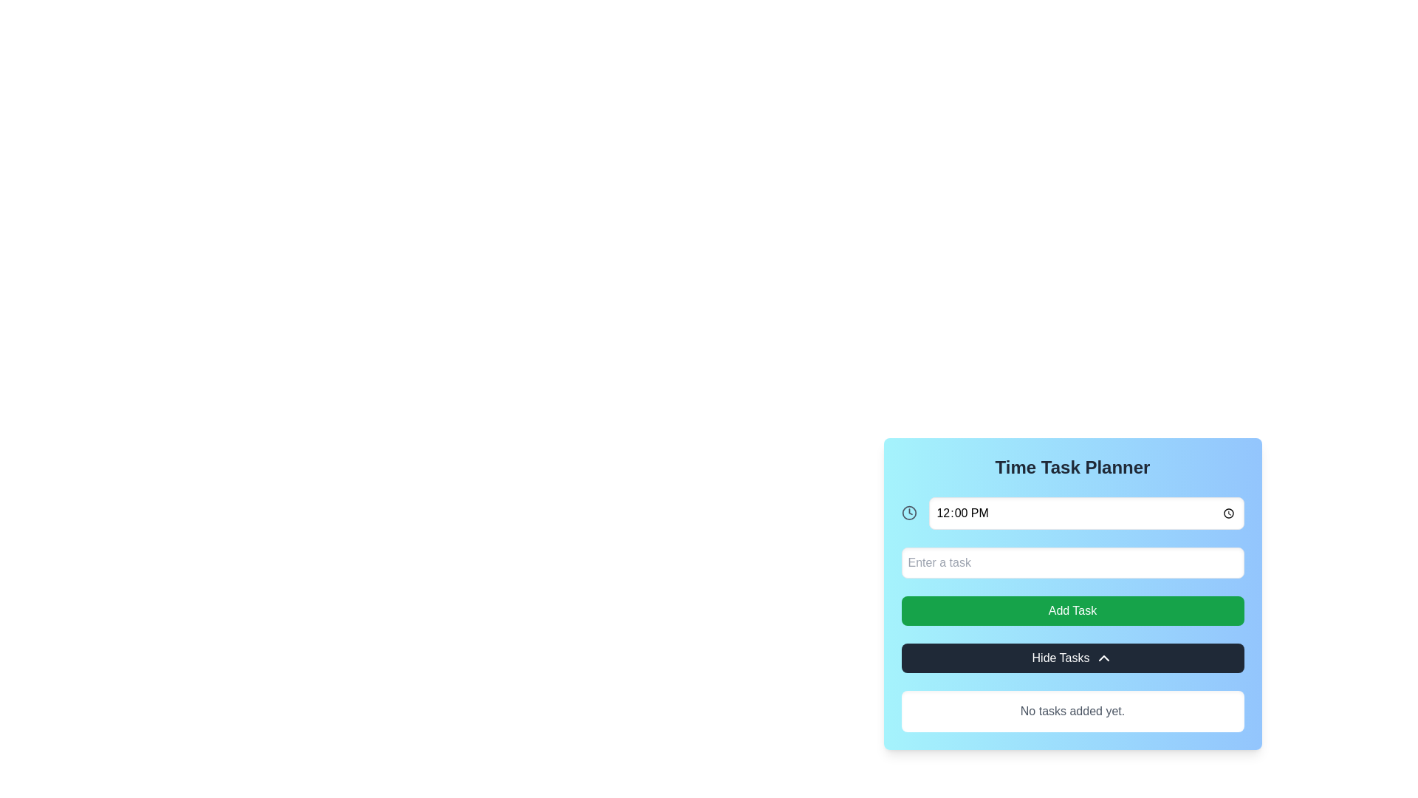  What do you see at coordinates (1072, 711) in the screenshot?
I see `the informational Text label at the bottom of the 'Time Task Planner' interface, which notifies users that no tasks have been added yet` at bounding box center [1072, 711].